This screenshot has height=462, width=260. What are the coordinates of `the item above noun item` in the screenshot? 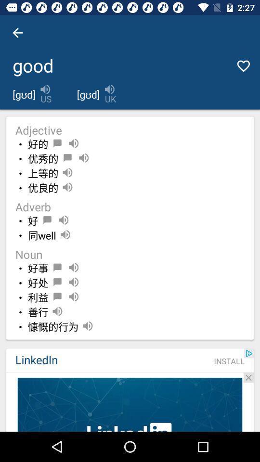 It's located at (41, 235).